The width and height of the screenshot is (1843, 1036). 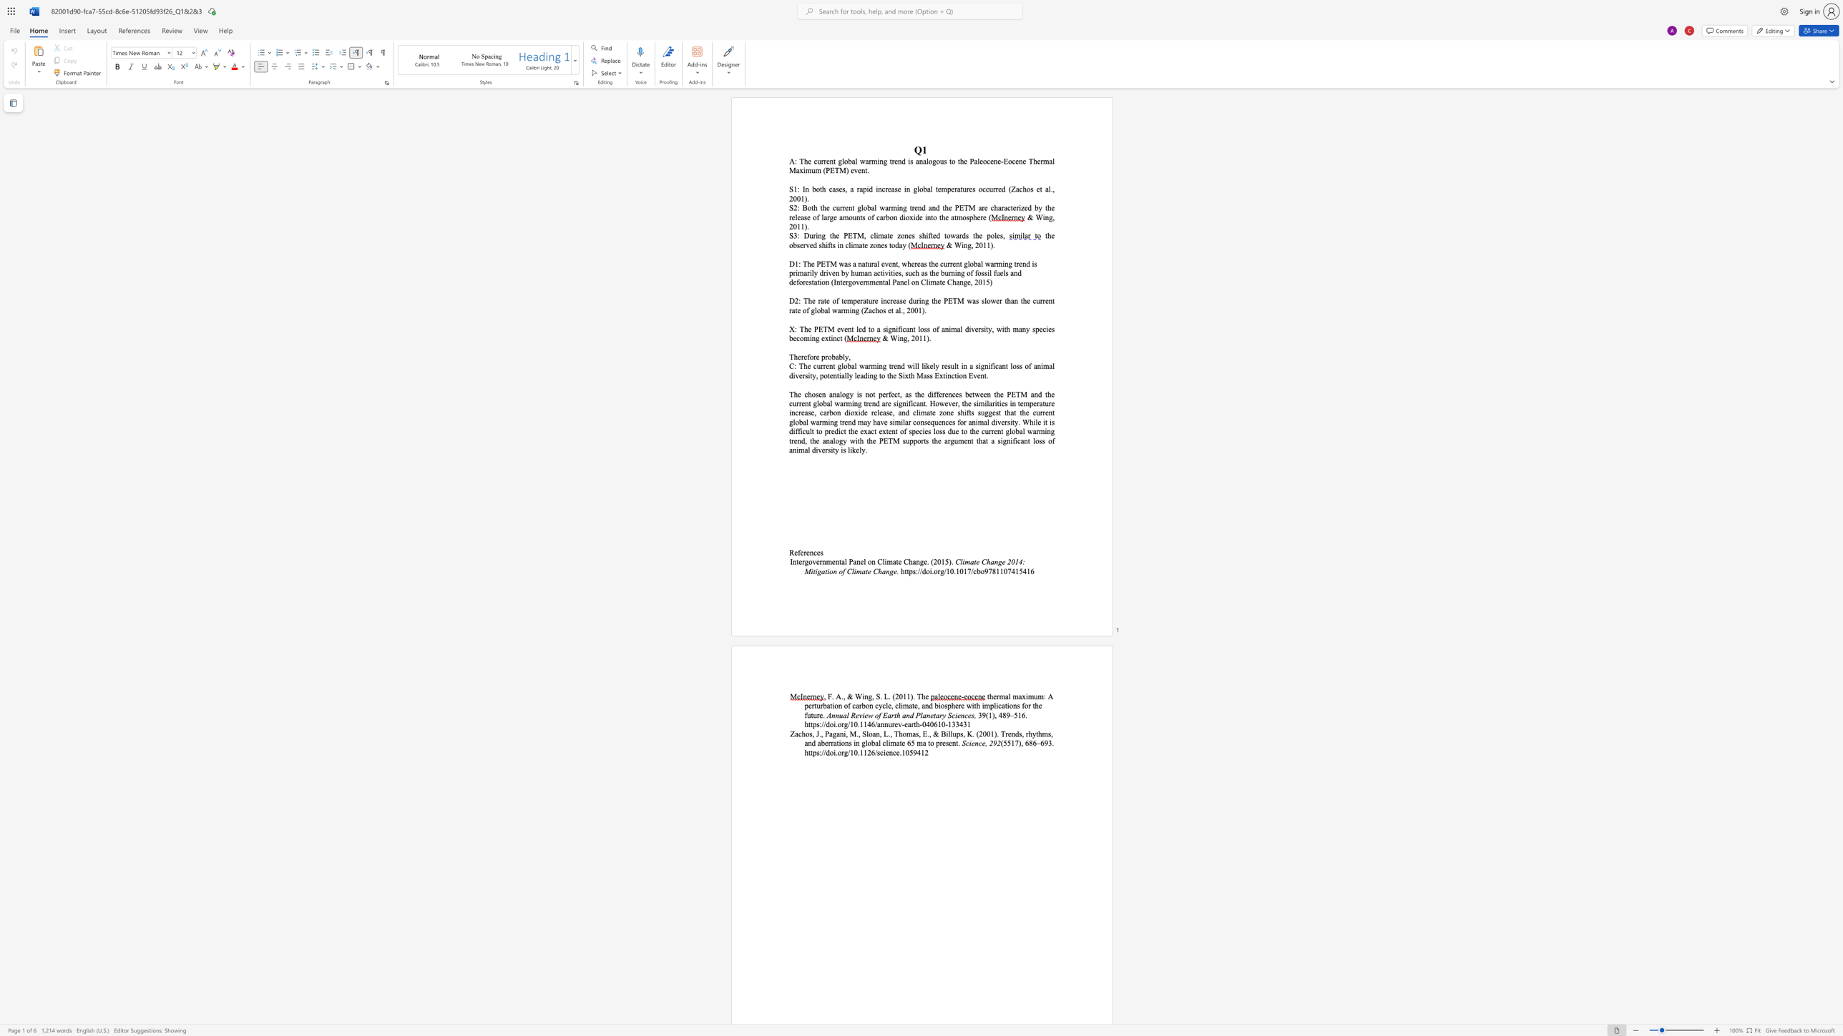 I want to click on the 2th character "s" in the text, so click(x=1018, y=705).